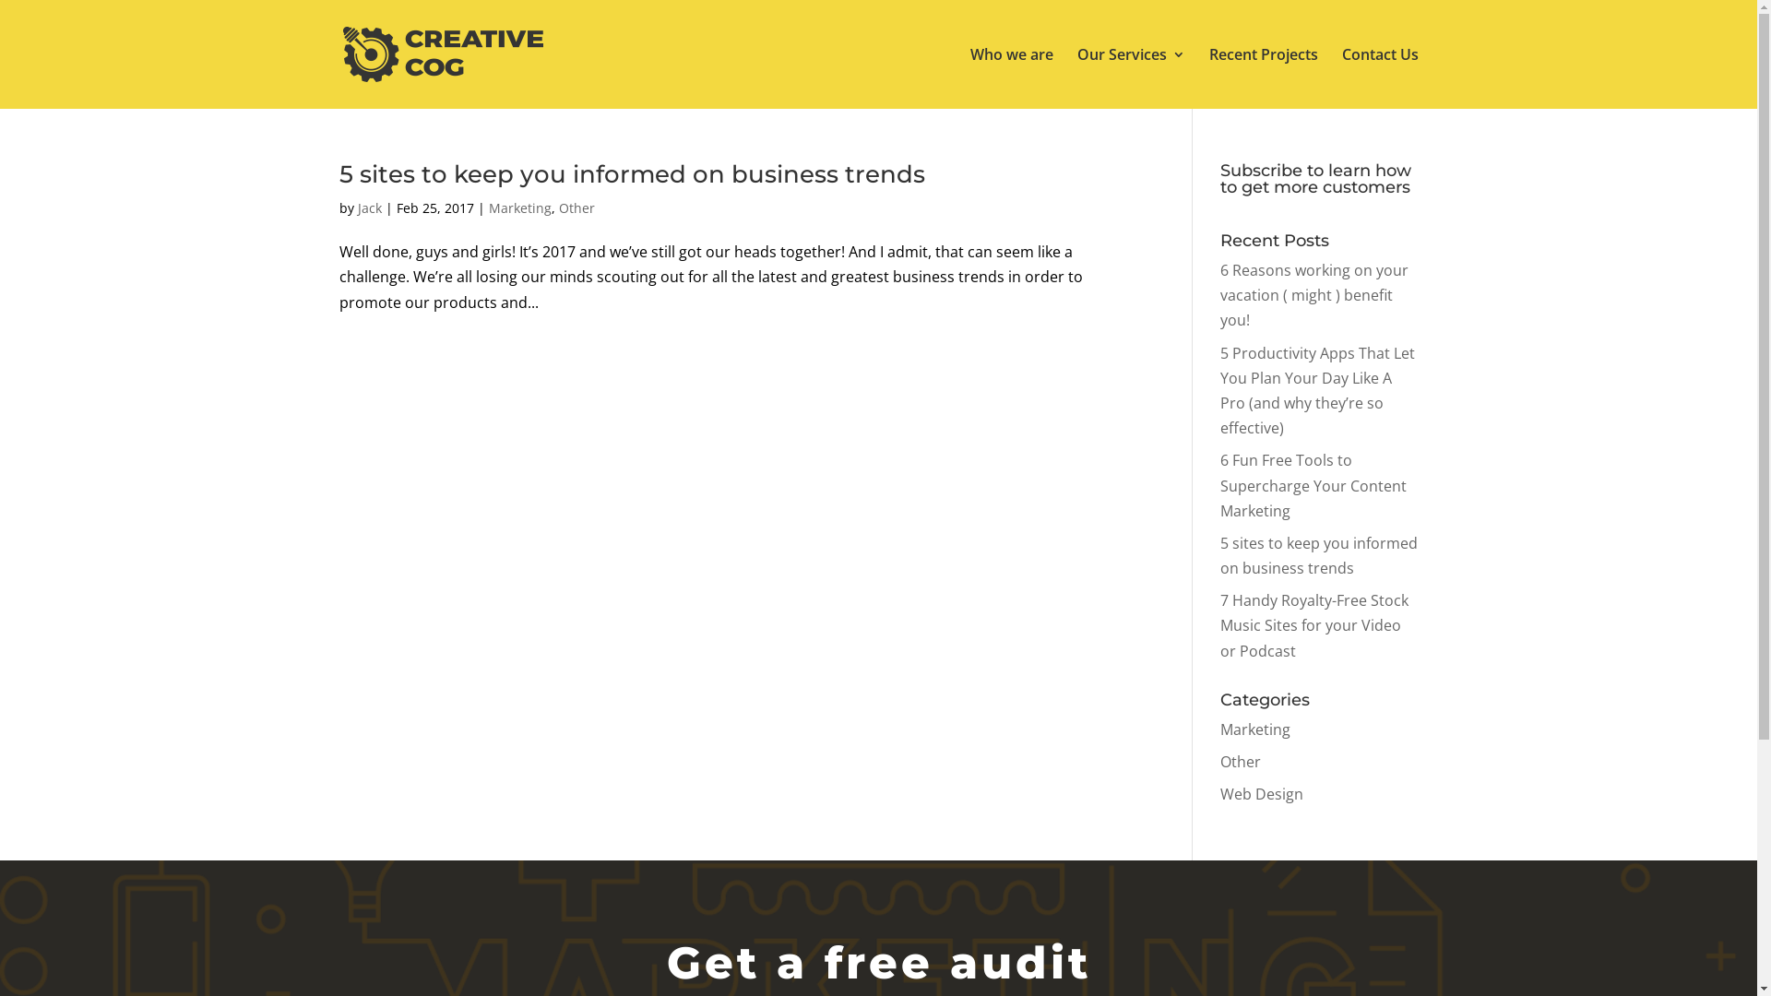 The height and width of the screenshot is (996, 1771). What do you see at coordinates (1261, 792) in the screenshot?
I see `'Web Design'` at bounding box center [1261, 792].